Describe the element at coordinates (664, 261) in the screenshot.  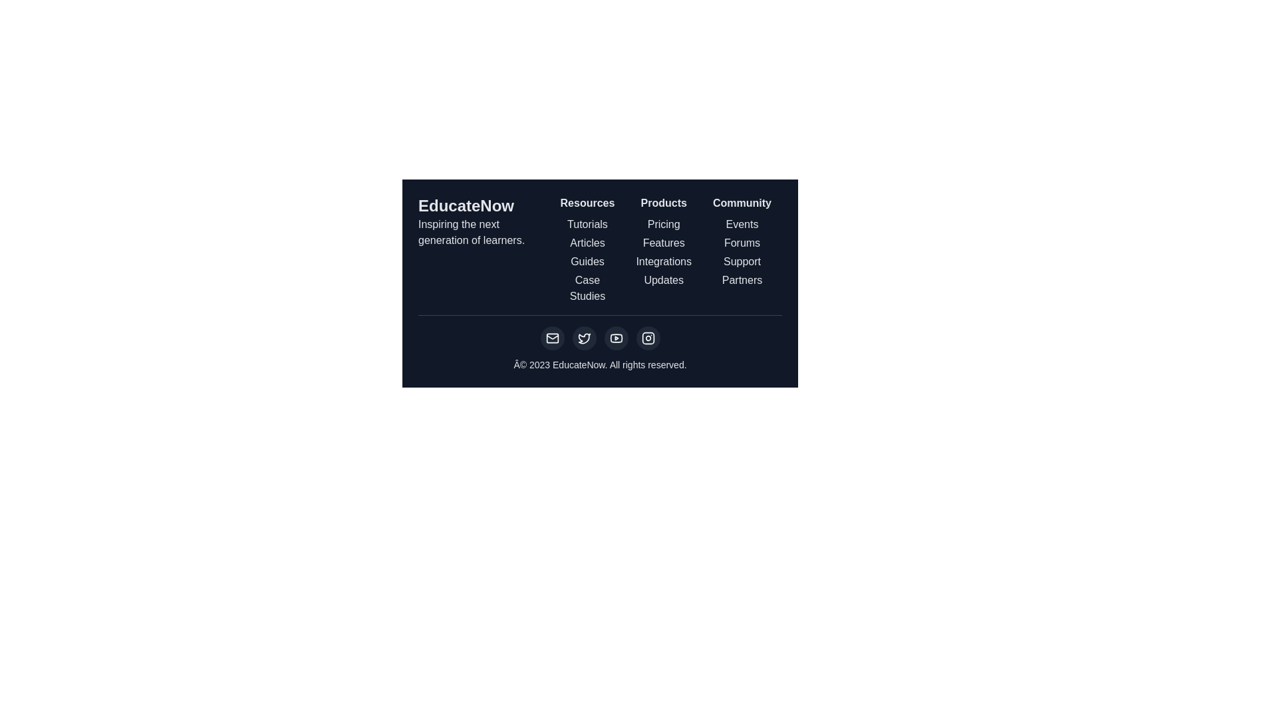
I see `the text label displaying 'Integrations' for accessibility purposes` at that location.